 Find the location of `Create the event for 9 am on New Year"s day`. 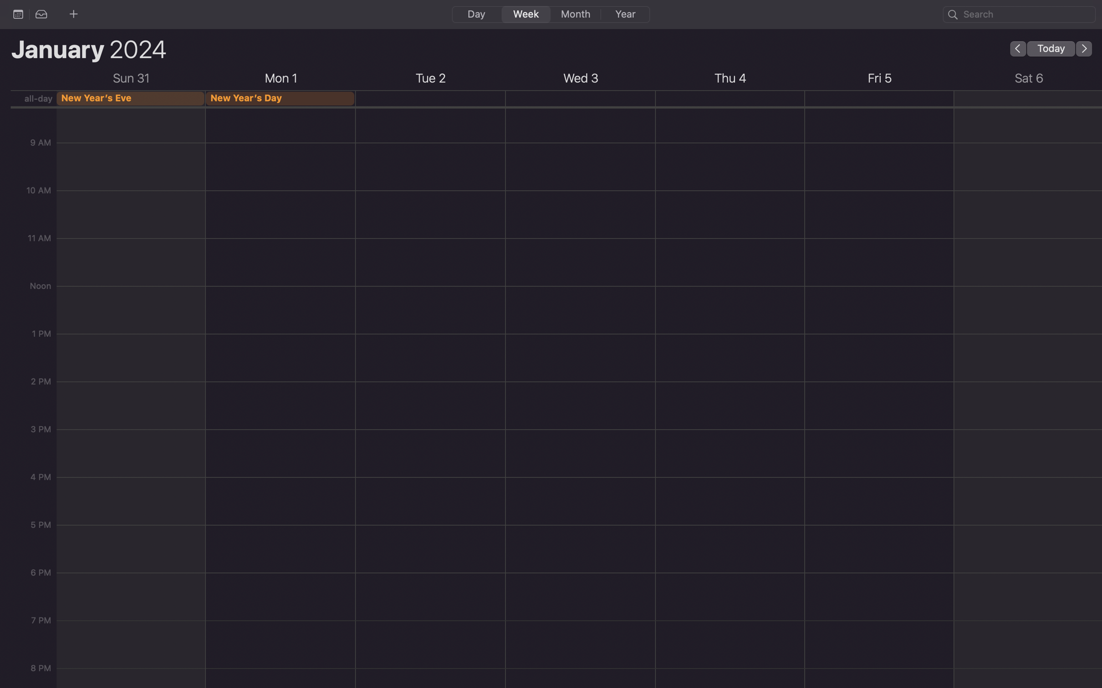

Create the event for 9 am on New Year"s day is located at coordinates (281, 151).